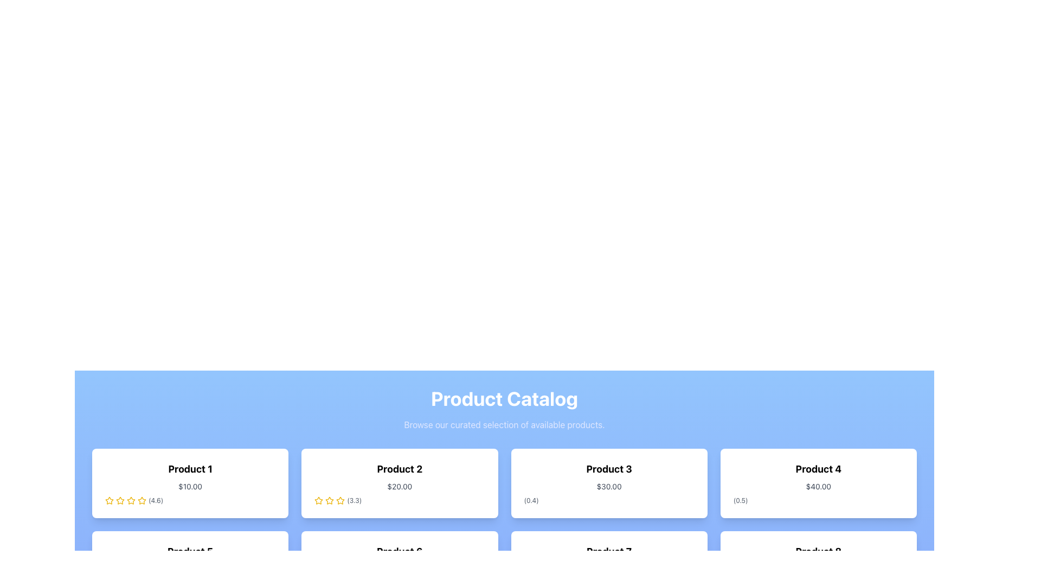  What do you see at coordinates (818, 486) in the screenshot?
I see `the text label that indicates the price of 'Product 4', which is located below the title and above the rating information` at bounding box center [818, 486].